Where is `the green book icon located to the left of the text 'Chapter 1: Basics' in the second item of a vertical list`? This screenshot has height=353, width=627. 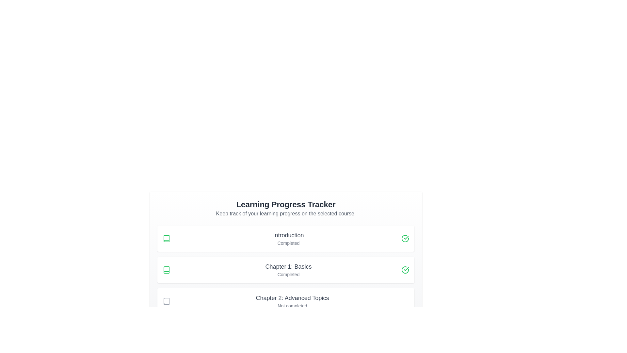
the green book icon located to the left of the text 'Chapter 1: Basics' in the second item of a vertical list is located at coordinates (166, 270).